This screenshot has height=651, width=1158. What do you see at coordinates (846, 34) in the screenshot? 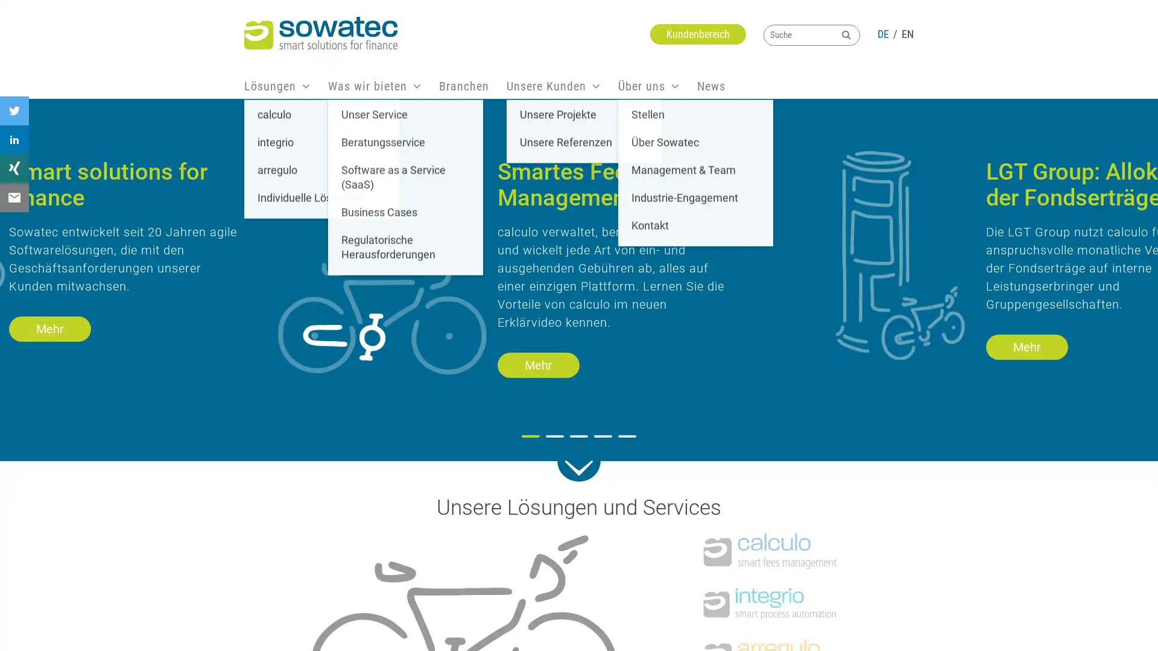
I see `Search` at bounding box center [846, 34].